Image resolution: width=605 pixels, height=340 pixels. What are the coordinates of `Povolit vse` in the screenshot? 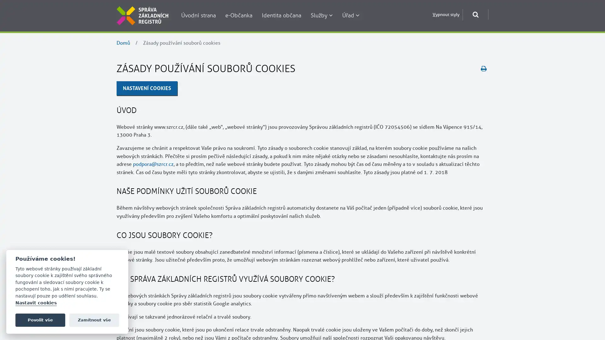 It's located at (40, 320).